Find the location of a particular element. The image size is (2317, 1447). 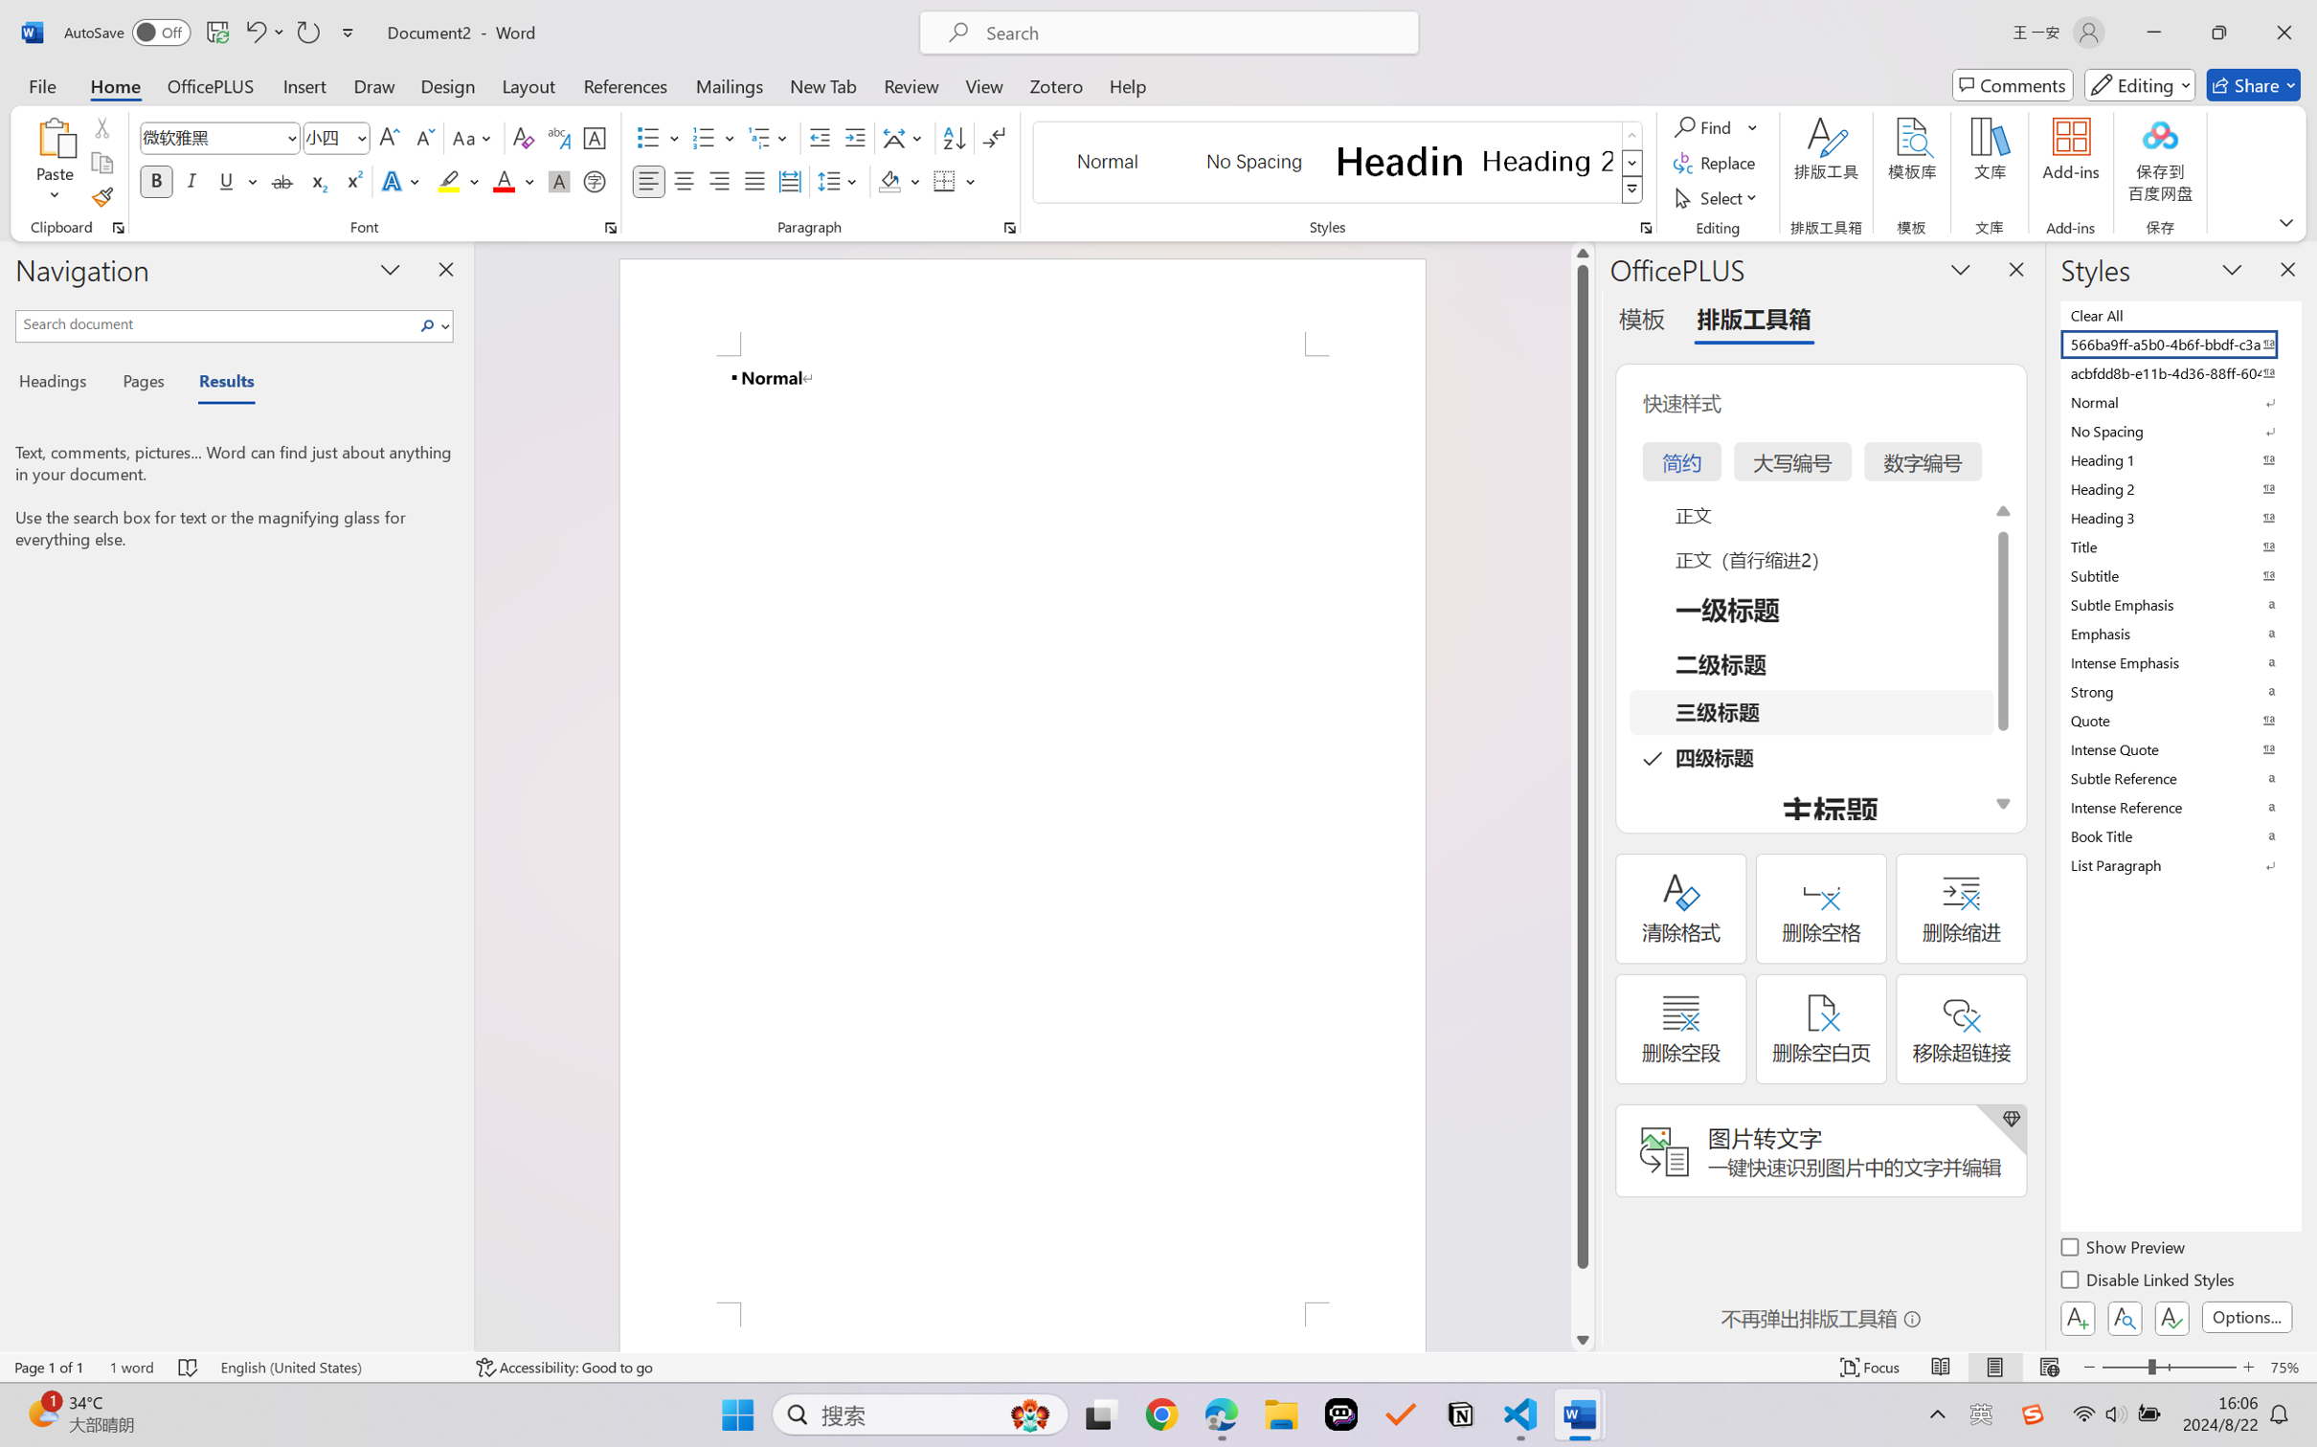

'Customize Quick Access Toolbar' is located at coordinates (348, 32).